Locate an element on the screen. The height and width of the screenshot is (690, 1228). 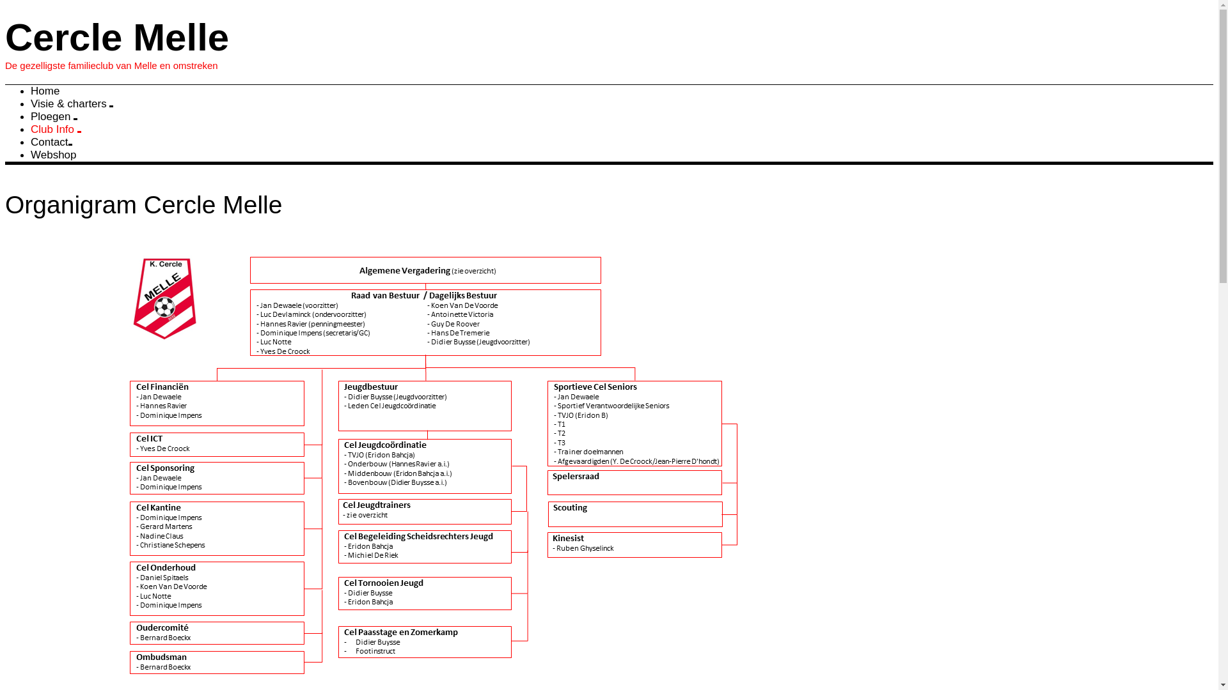
'Visie & charters' is located at coordinates (71, 103).